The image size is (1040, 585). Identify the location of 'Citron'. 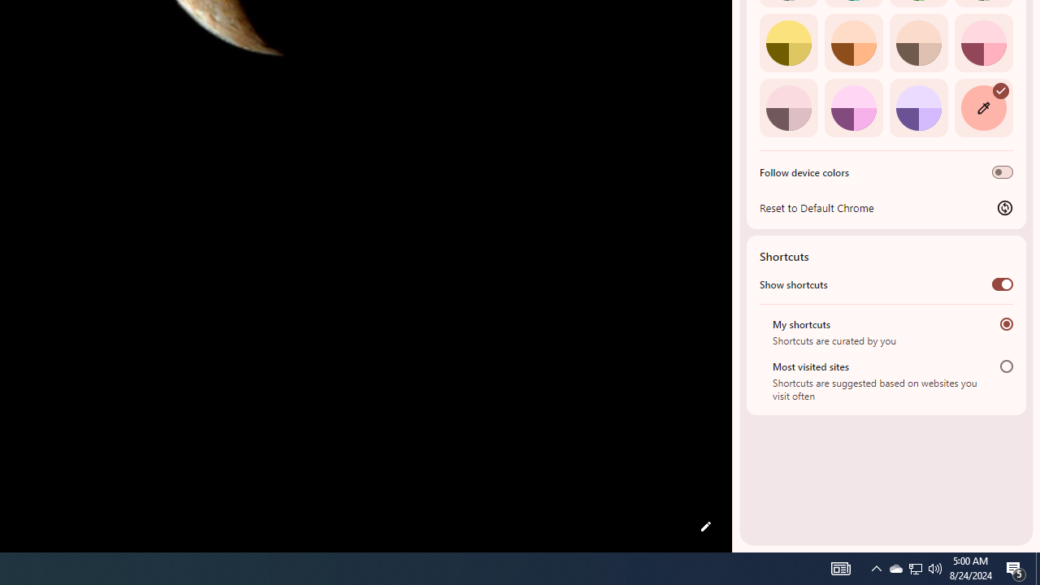
(788, 41).